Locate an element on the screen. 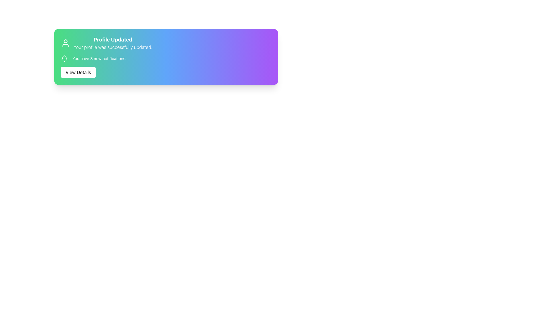 This screenshot has height=309, width=550. the rectangular button labeled 'View Details' to observe the opacity change is located at coordinates (78, 72).